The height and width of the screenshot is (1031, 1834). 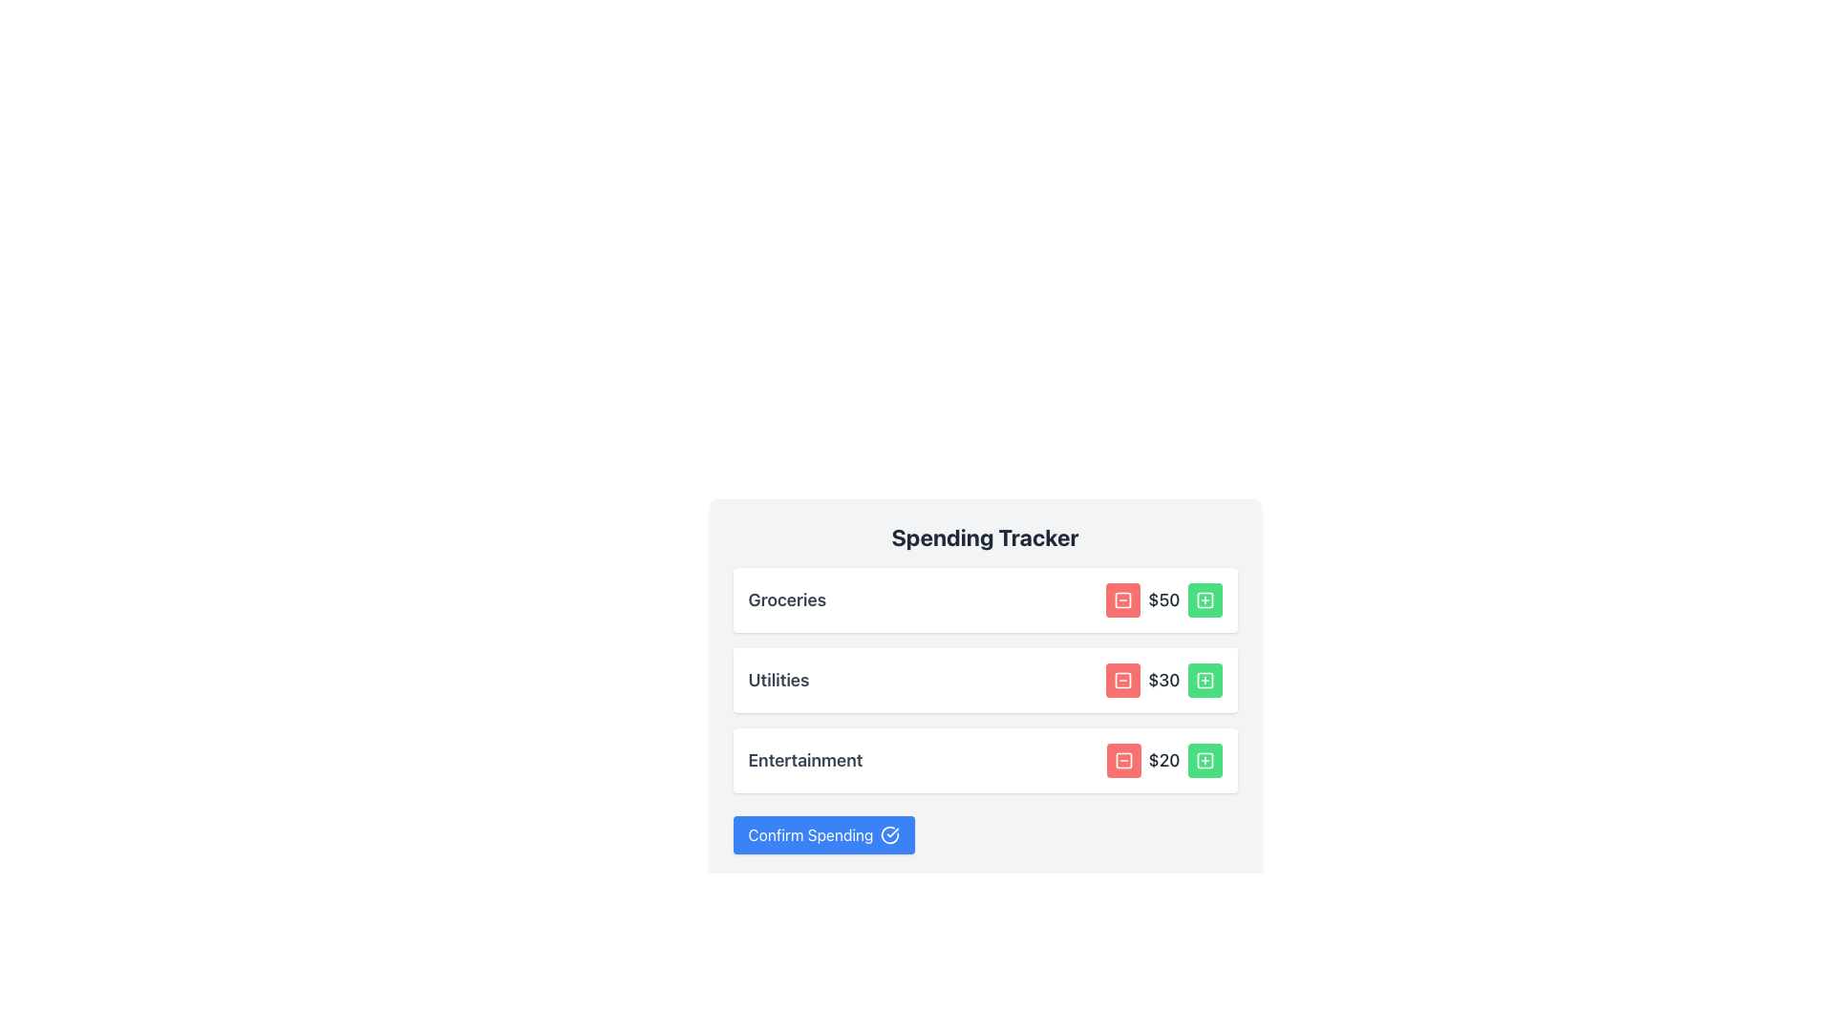 I want to click on the green square button with rounded corners containing a plus sign, located in the 'Entertainment' row, so click(x=1204, y=760).